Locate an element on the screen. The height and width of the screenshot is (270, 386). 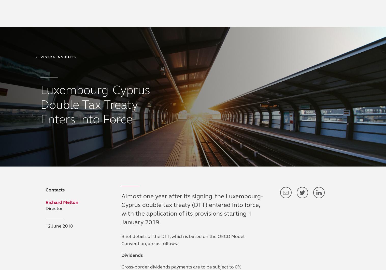
'26 Oct 2023' is located at coordinates (162, 114).